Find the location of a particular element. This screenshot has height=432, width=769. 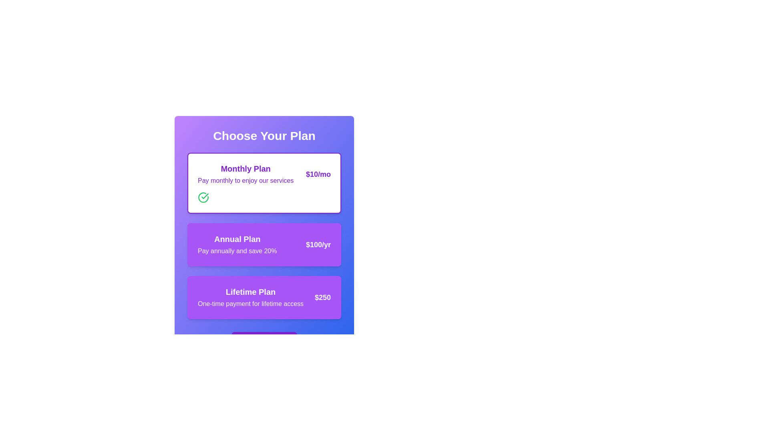

the monthly subscription plan Selection Card located at the top of the vertical stack of cards is located at coordinates (264, 183).